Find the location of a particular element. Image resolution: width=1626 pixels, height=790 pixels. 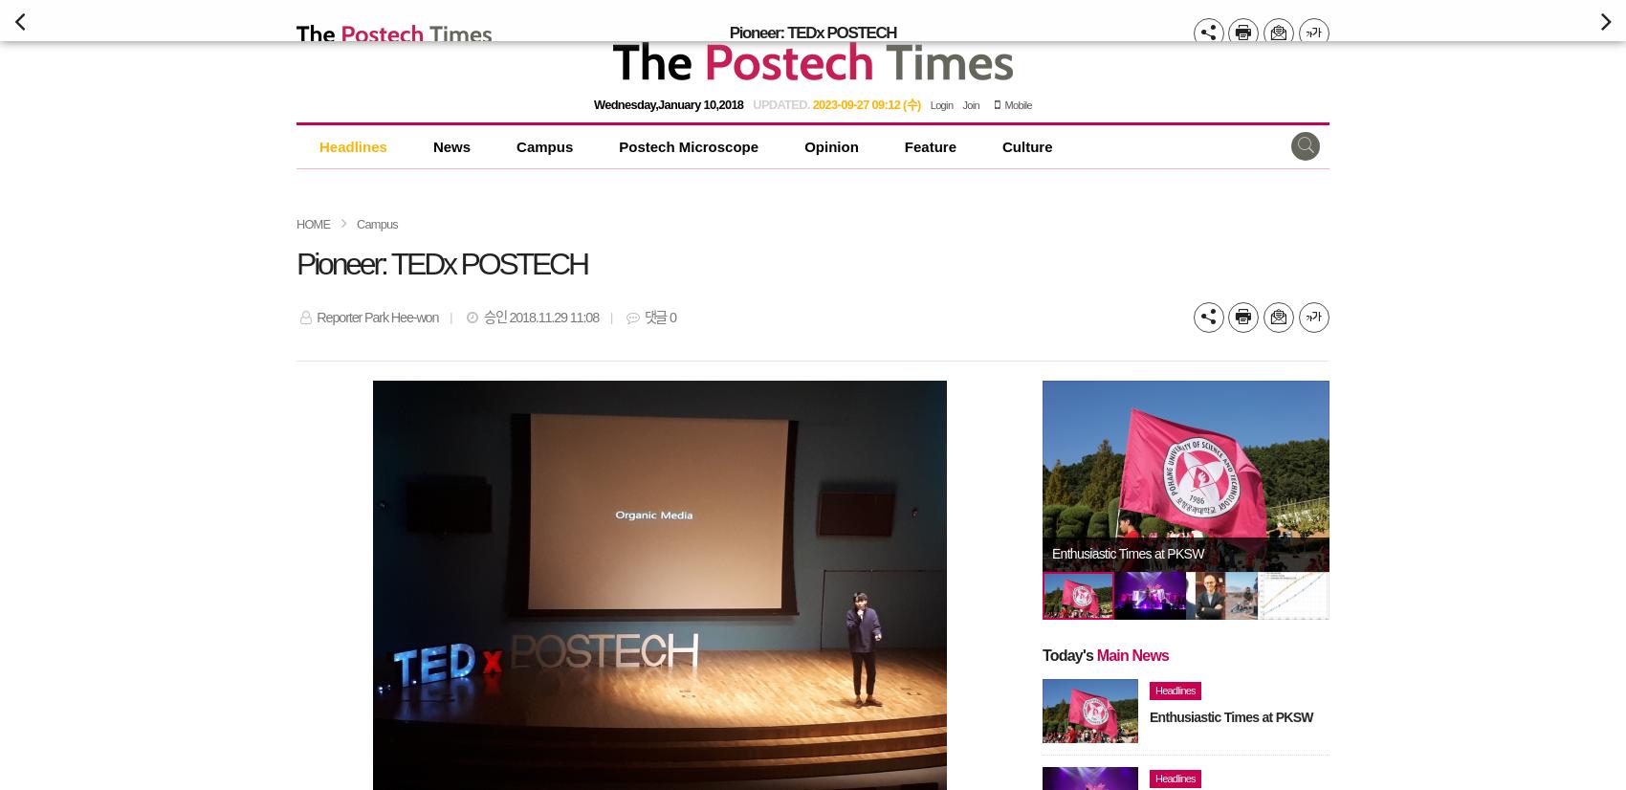

'Uncertainty Reveals the Security Level' is located at coordinates (1153, 553).